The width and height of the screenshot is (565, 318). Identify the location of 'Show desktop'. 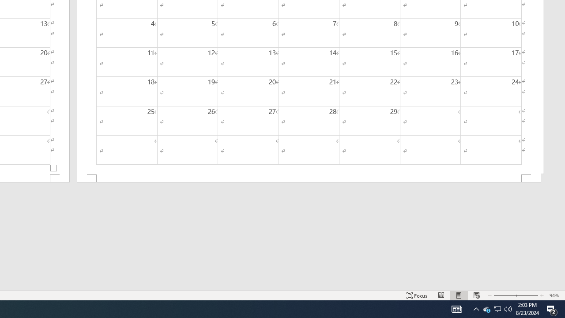
(563, 308).